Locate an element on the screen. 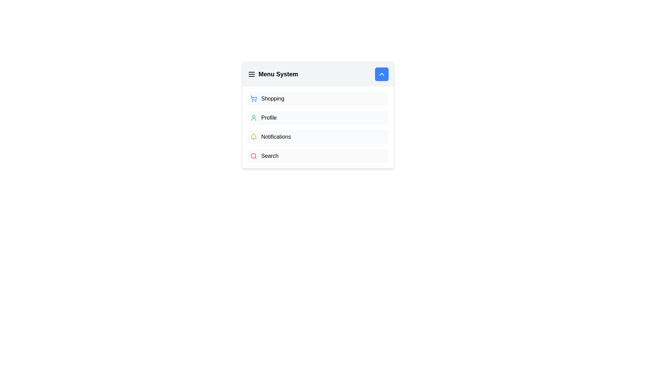 Image resolution: width=654 pixels, height=368 pixels. the second menu item in the vertical list to navigate to the user's profile page, which is located below 'Shopping' and above 'Notifications' is located at coordinates (318, 115).